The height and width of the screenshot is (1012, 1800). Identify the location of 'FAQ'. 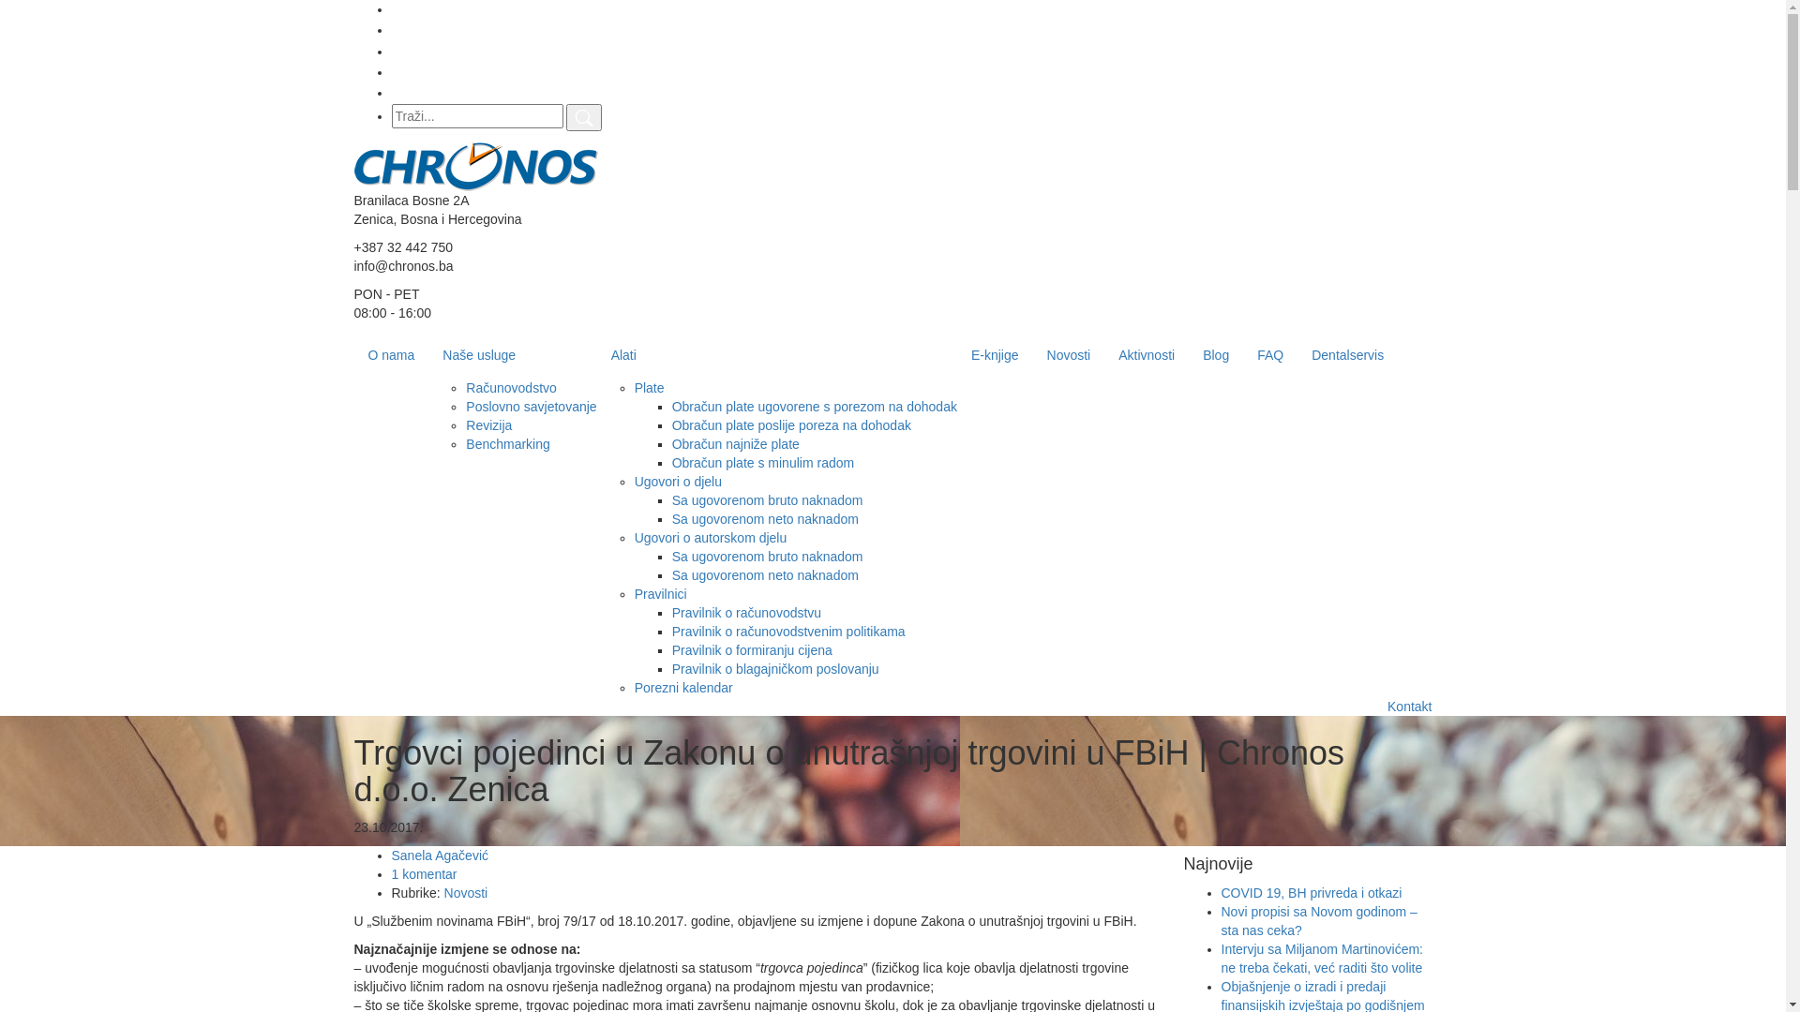
(1269, 354).